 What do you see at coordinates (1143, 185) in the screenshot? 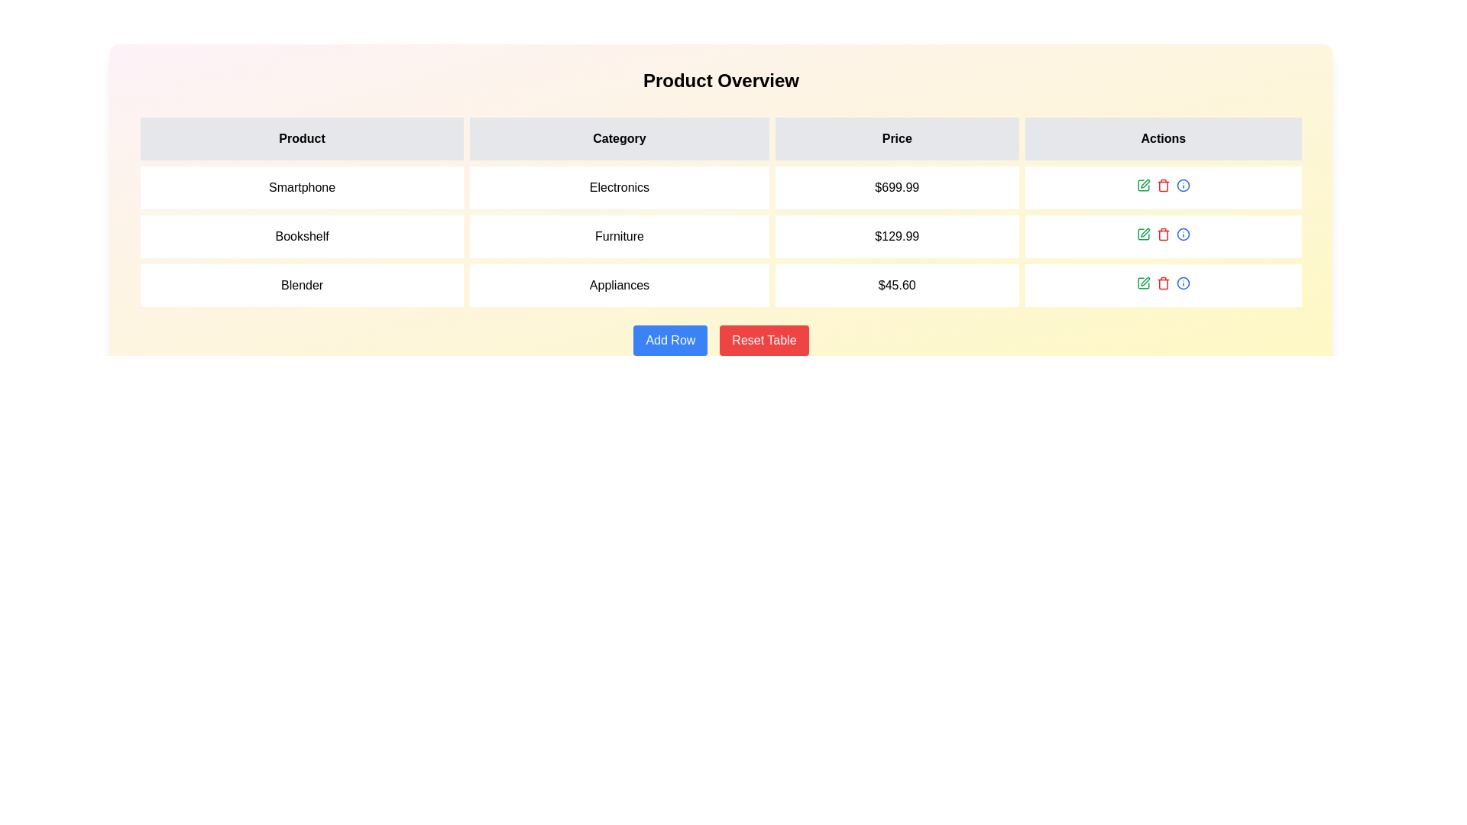
I see `the green pencil icon button in the 'Actions' column of the table for the product 'Smartphone' to initiate the edit functionality` at bounding box center [1143, 185].